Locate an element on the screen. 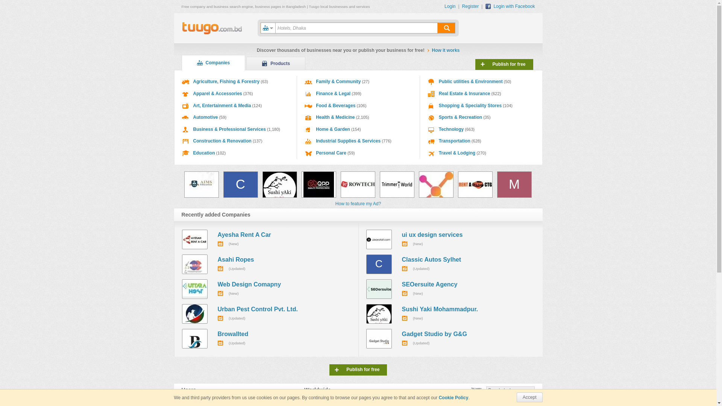 This screenshot has height=406, width=722. ' Public utilities & Environment (50)' is located at coordinates (481, 82).